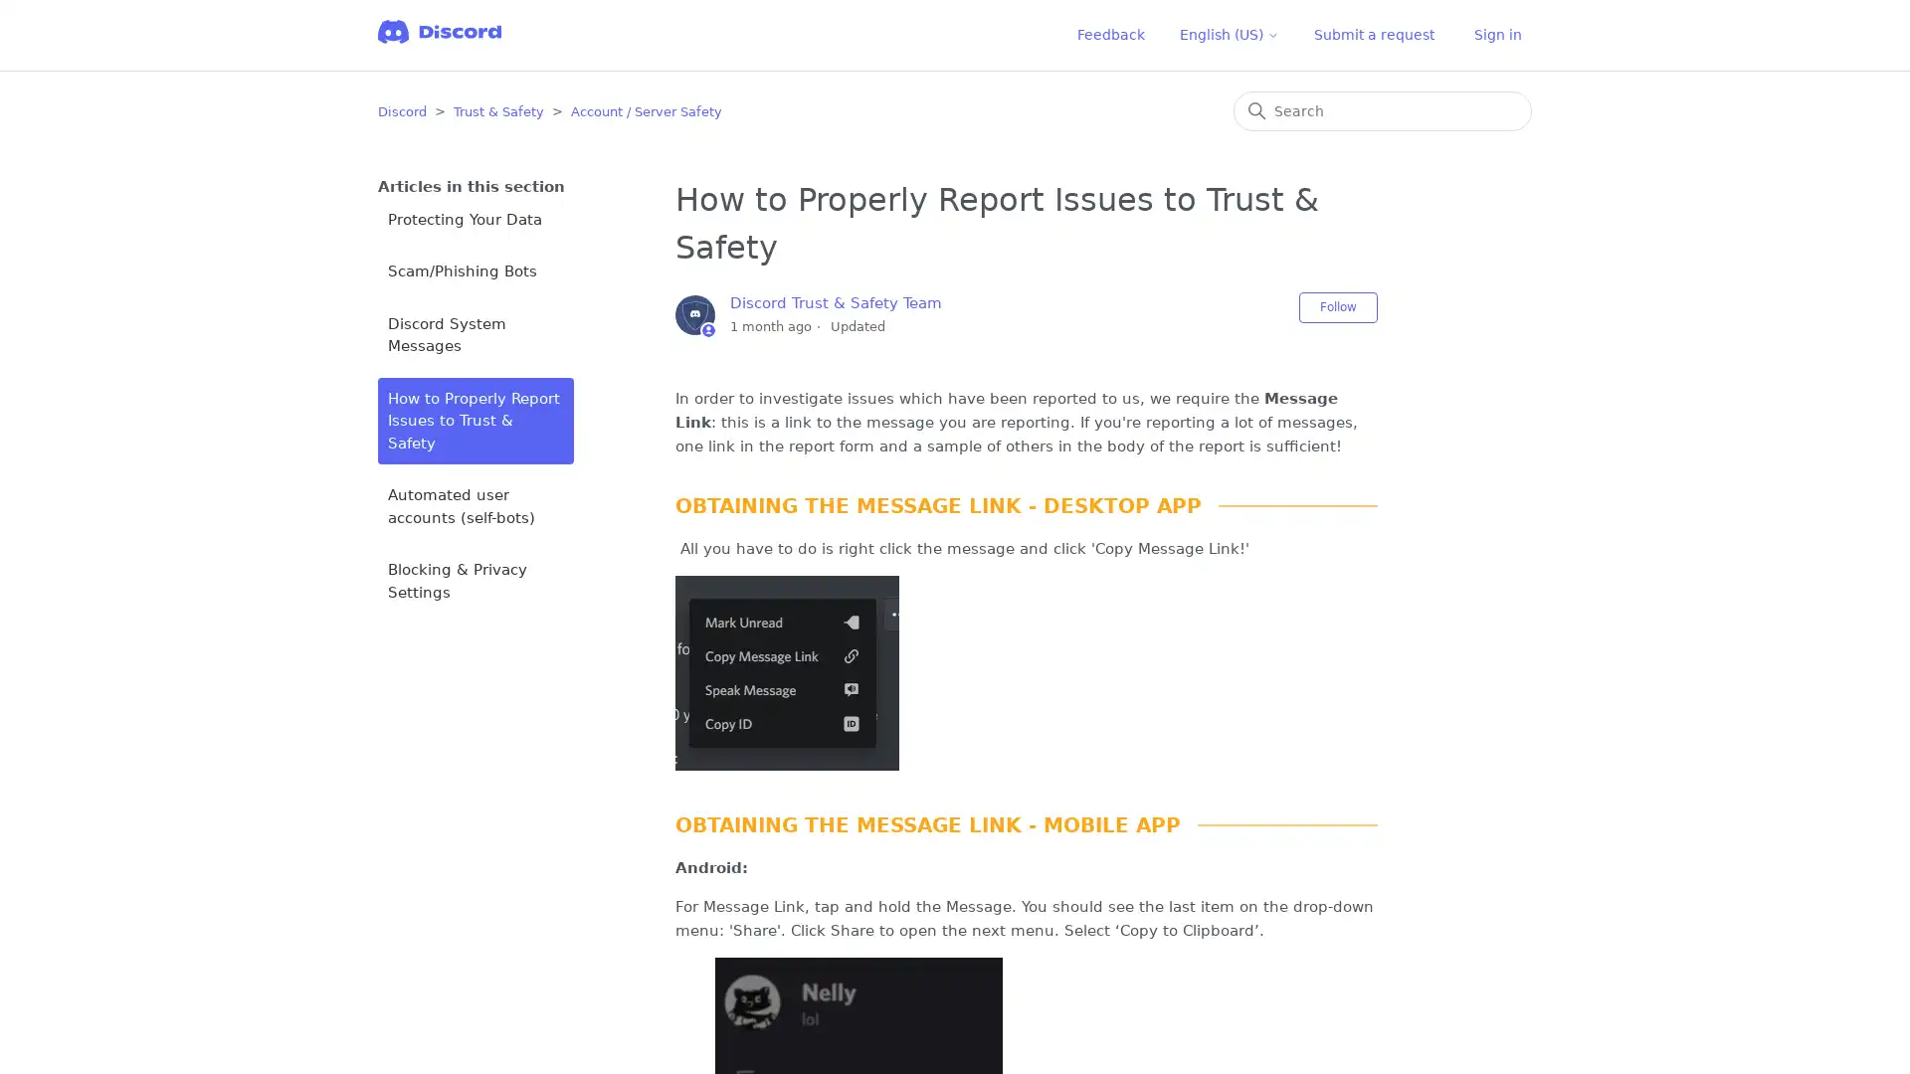 The image size is (1910, 1074). Describe the element at coordinates (1498, 35) in the screenshot. I see `Sign in` at that location.